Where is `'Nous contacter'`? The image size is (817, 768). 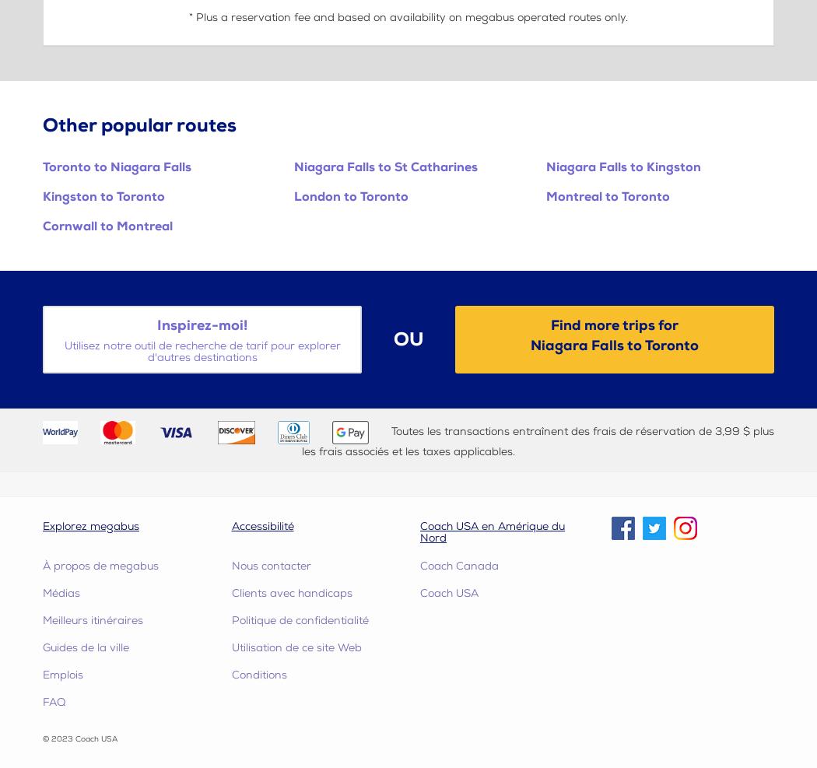 'Nous contacter' is located at coordinates (230, 564).